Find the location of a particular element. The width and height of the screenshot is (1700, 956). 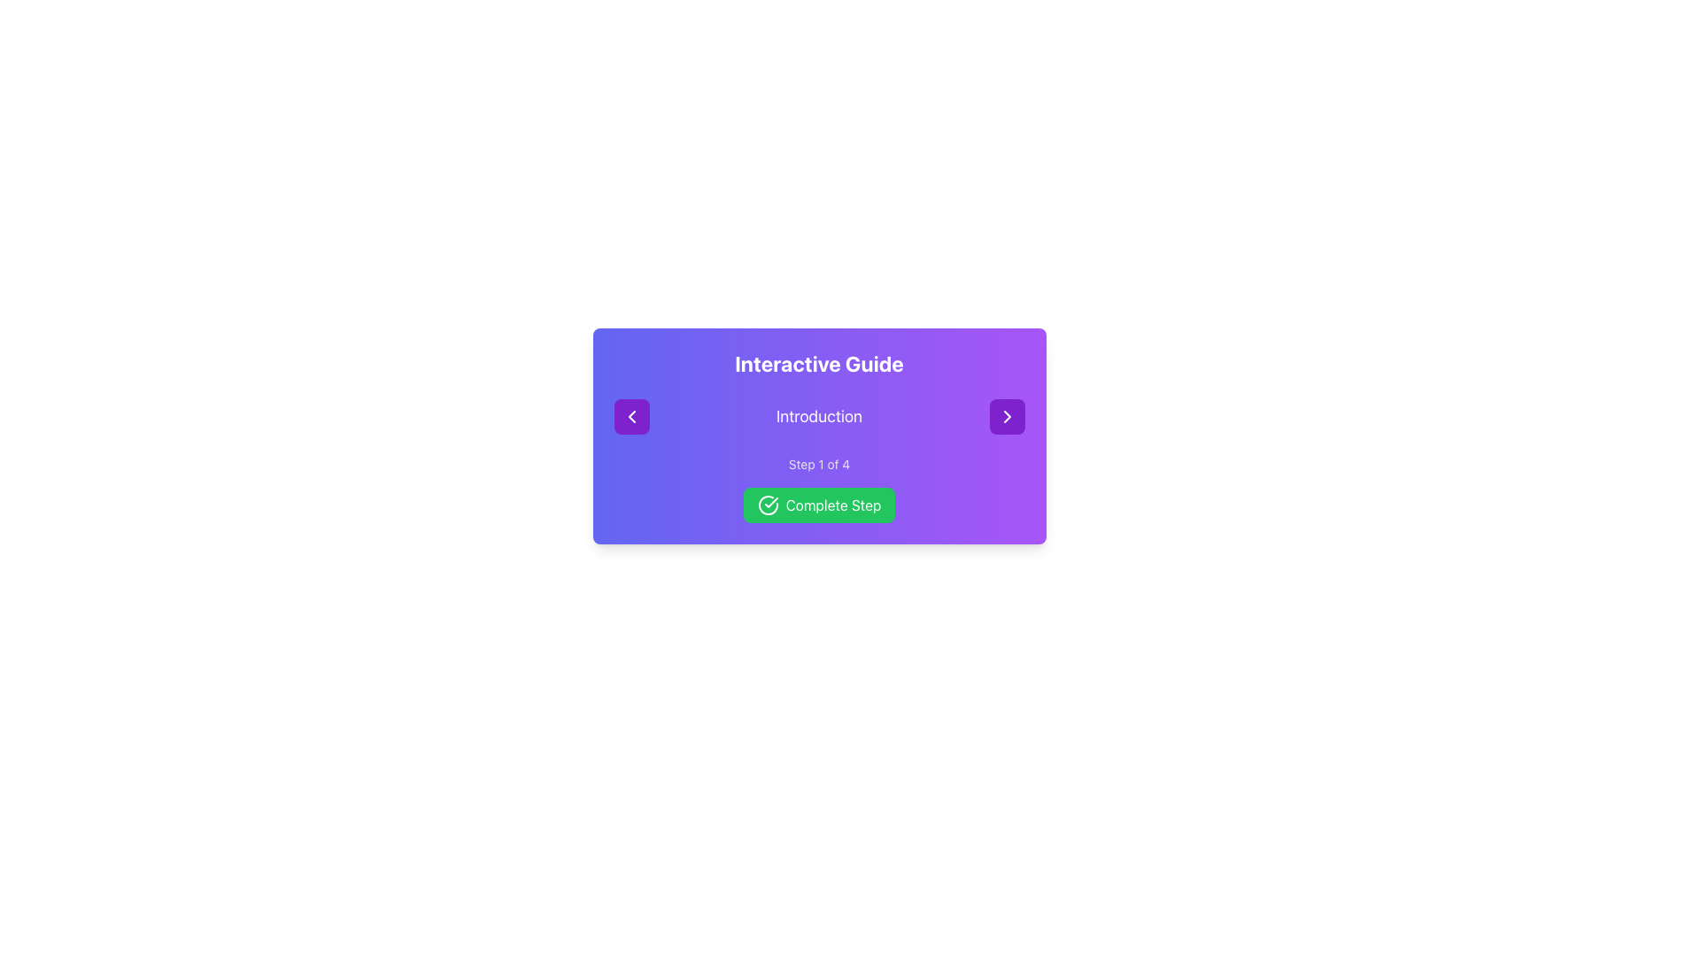

the 'Complete Step' button with a green background and white text, located at the bottom of the 'Interactive Guide' box is located at coordinates (818, 505).